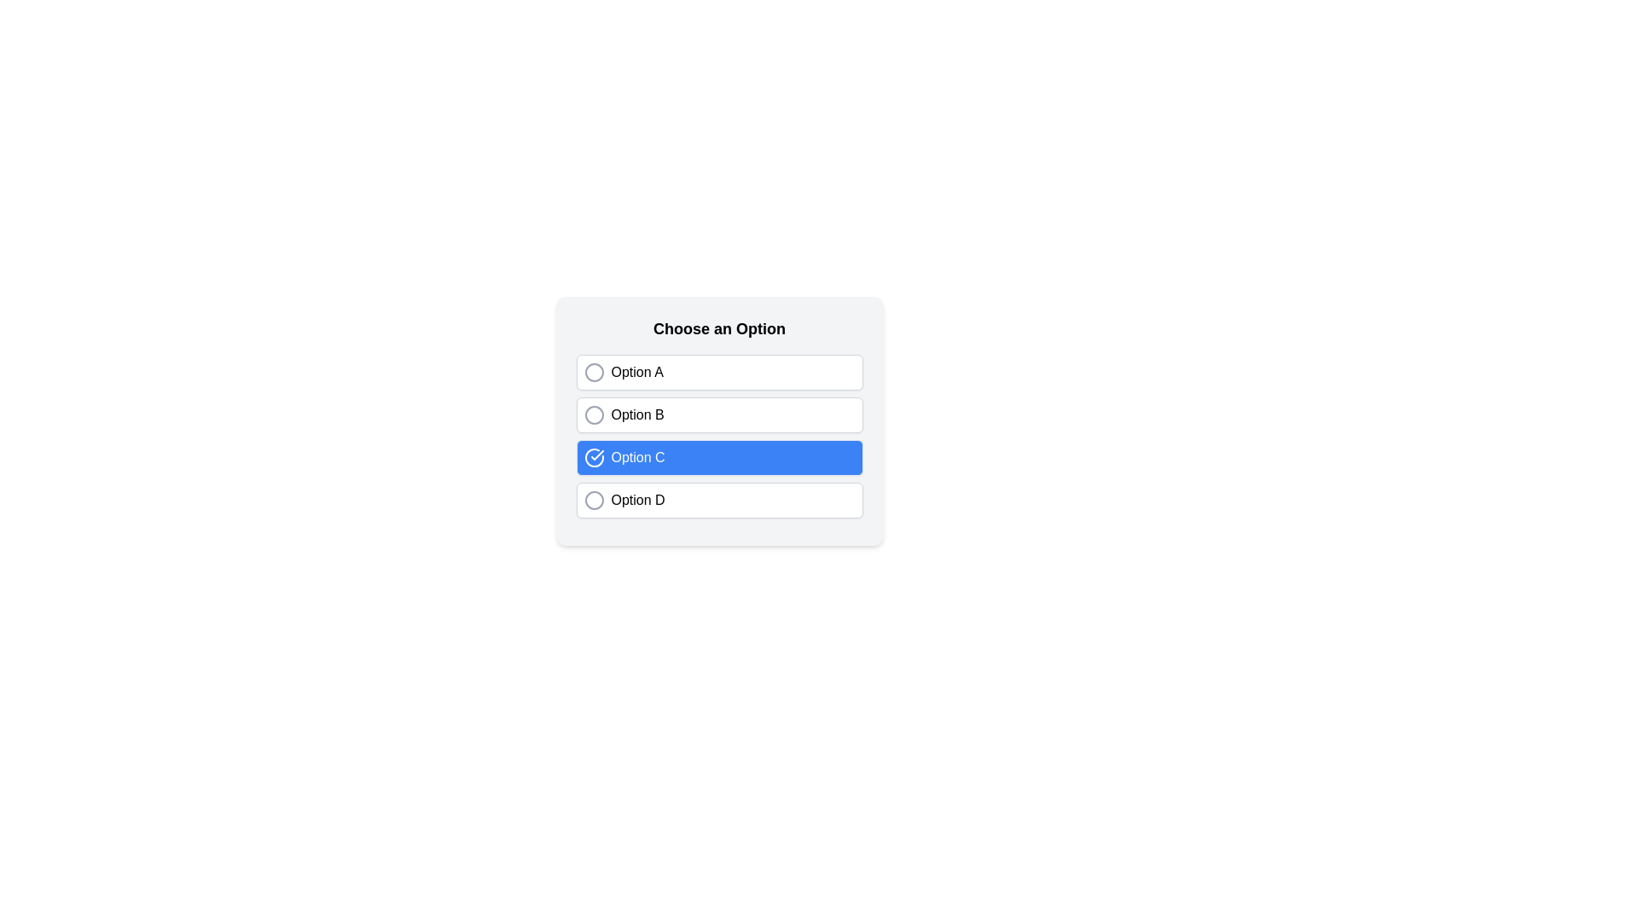 The height and width of the screenshot is (921, 1638). What do you see at coordinates (594, 499) in the screenshot?
I see `the circular radio button indicator` at bounding box center [594, 499].